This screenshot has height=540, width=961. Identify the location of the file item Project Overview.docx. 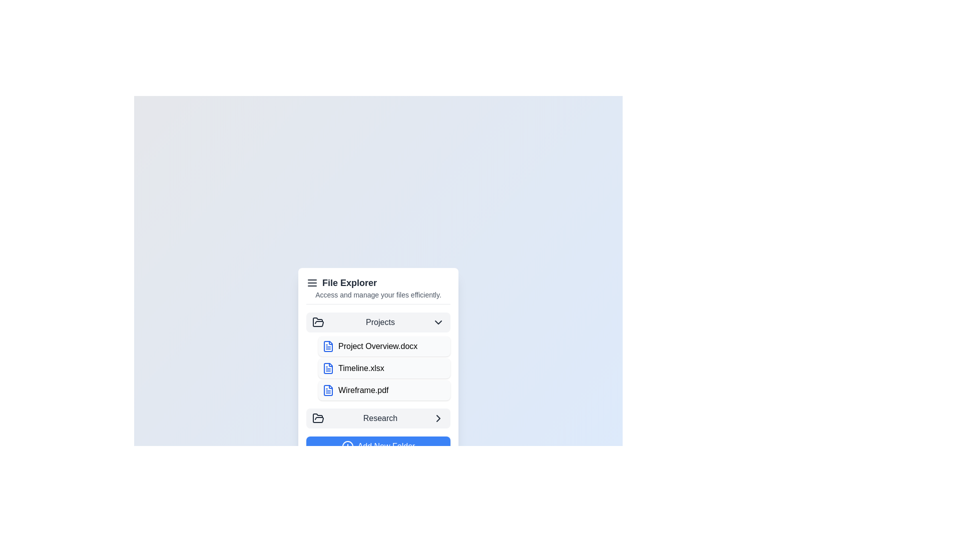
(384, 345).